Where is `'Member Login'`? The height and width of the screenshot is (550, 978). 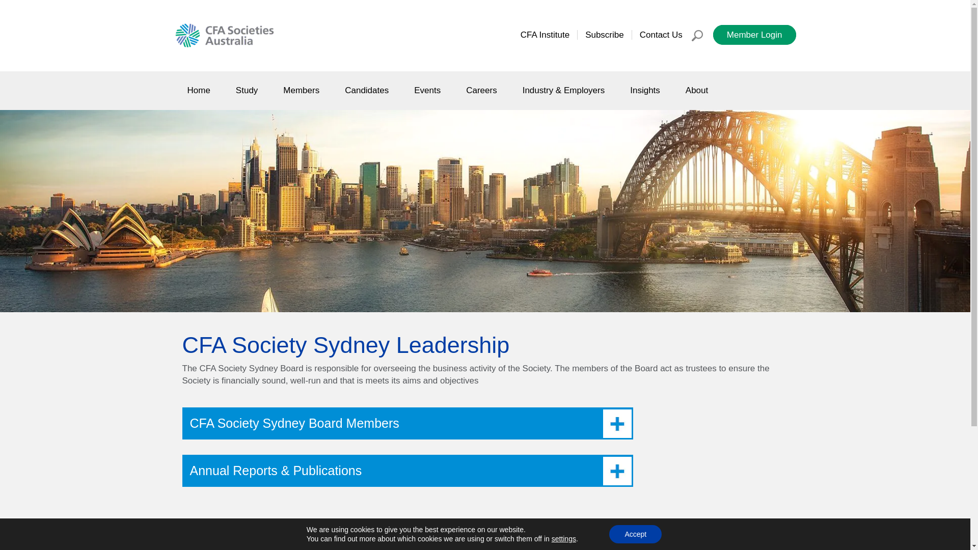
'Member Login' is located at coordinates (713, 34).